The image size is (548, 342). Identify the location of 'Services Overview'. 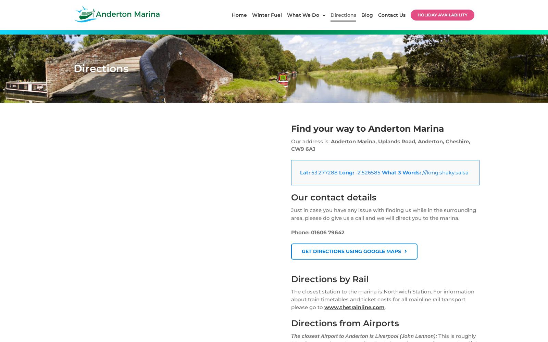
(105, 125).